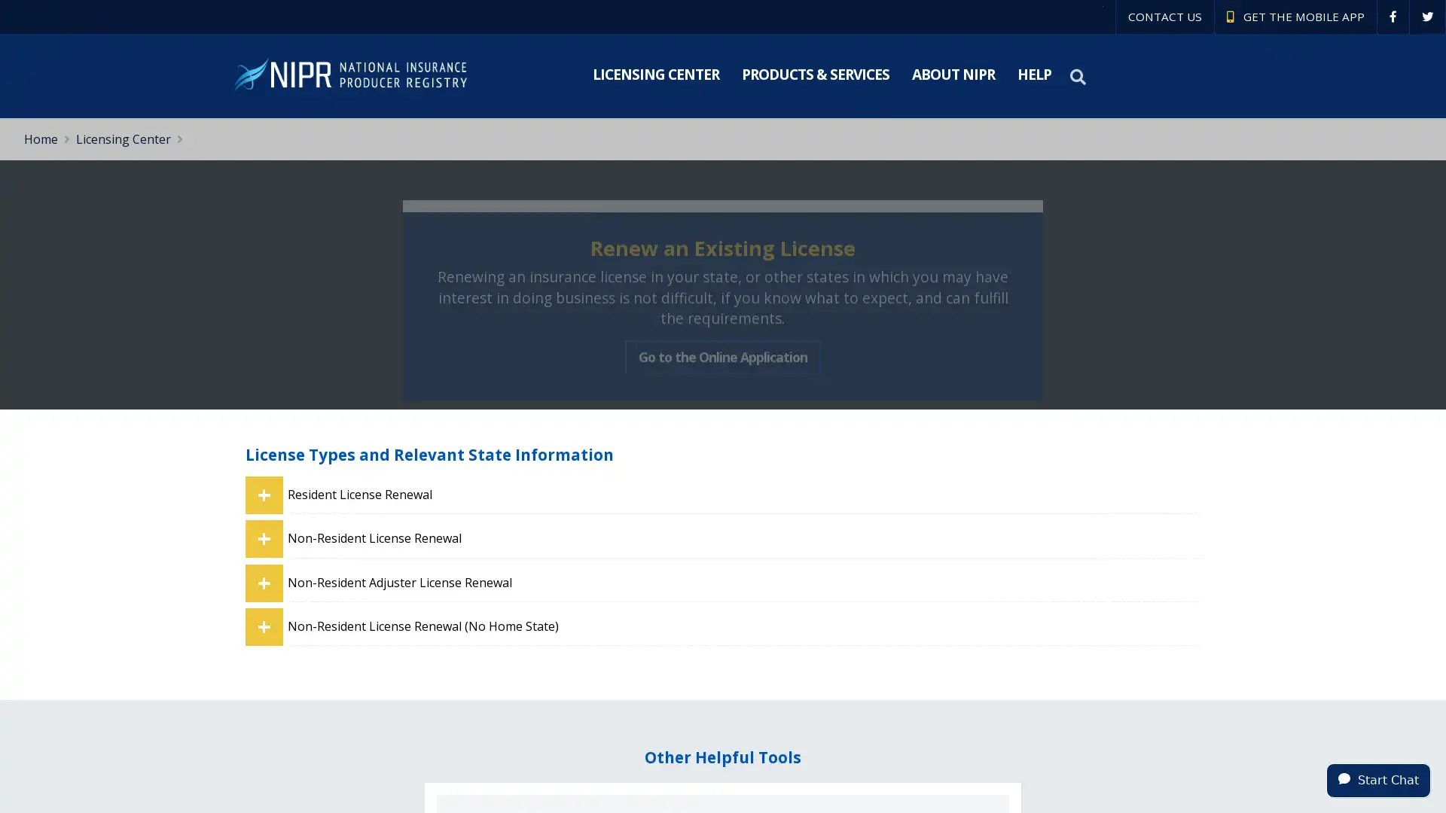  I want to click on Search NIPR, so click(1079, 76).